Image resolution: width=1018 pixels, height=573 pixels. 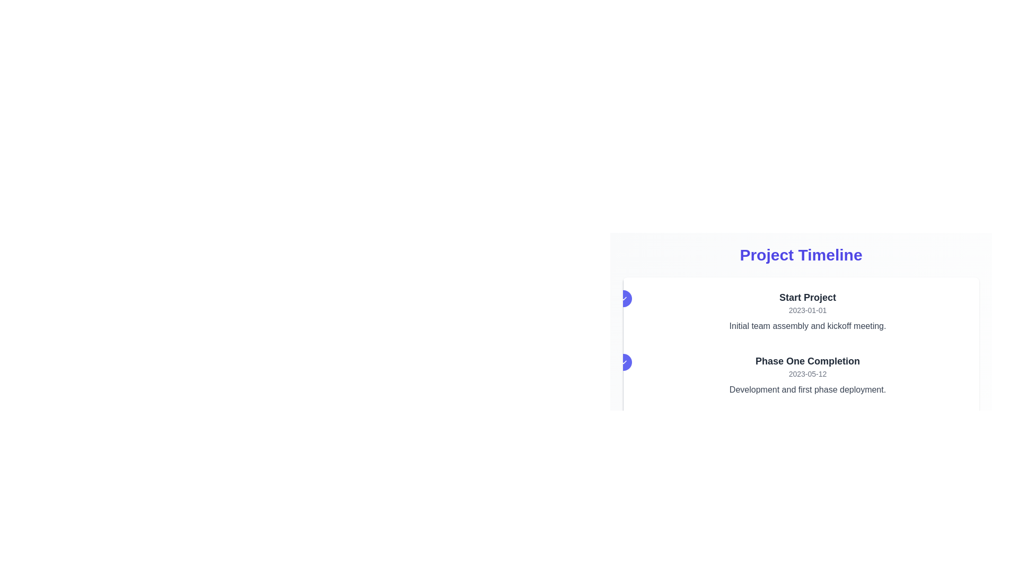 I want to click on the 'Project Timeline' text label, which is bold, large, and indigo colored, centrally positioned at the top of the UI layout, so click(x=801, y=255).